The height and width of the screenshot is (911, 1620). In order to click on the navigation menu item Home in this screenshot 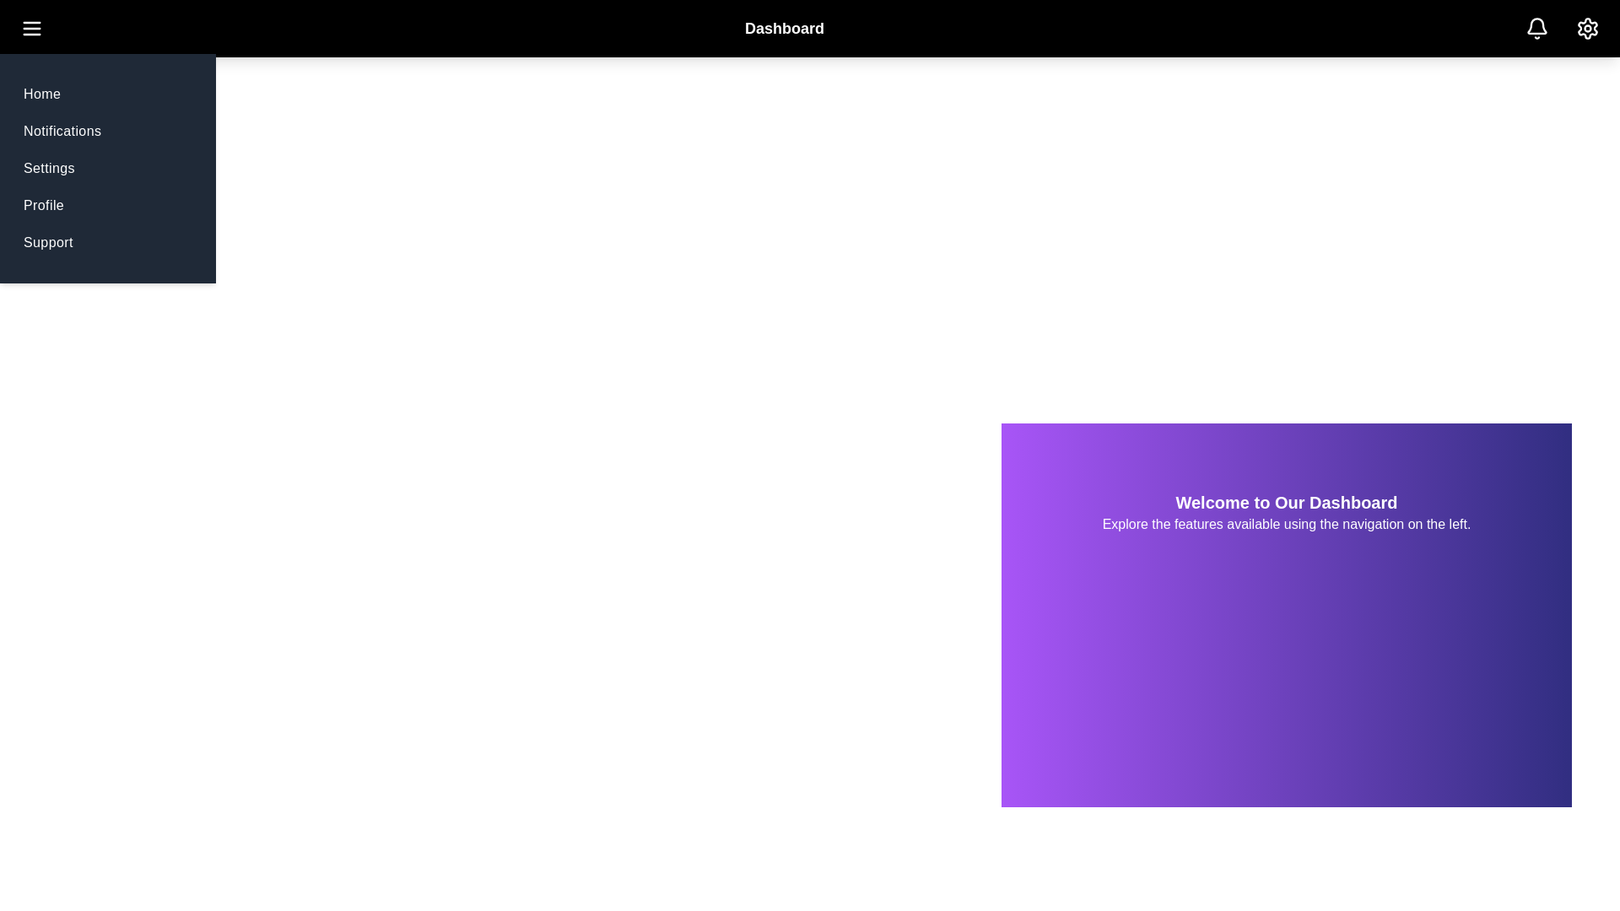, I will do `click(41, 94)`.